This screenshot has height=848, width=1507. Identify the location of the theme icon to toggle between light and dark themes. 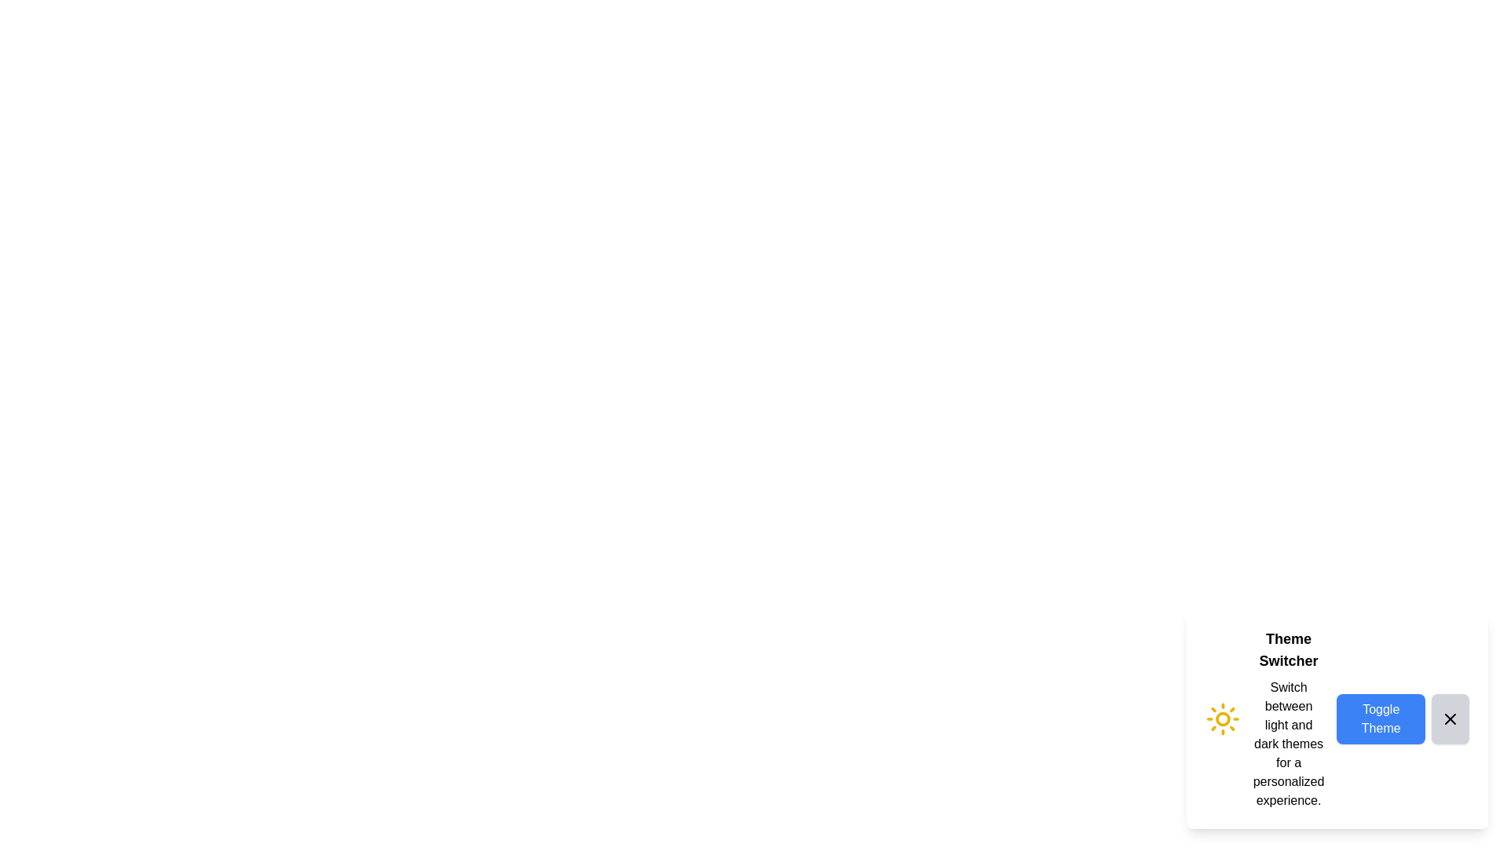
(1222, 718).